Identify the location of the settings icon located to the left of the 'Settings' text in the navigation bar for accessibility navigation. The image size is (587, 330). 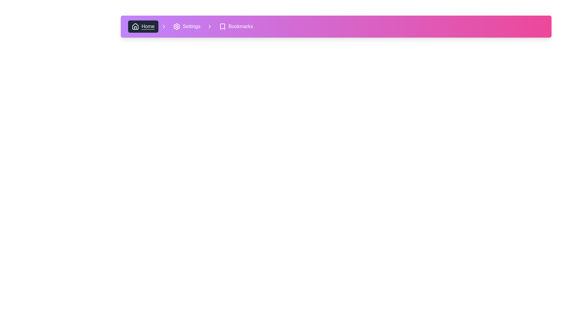
(176, 26).